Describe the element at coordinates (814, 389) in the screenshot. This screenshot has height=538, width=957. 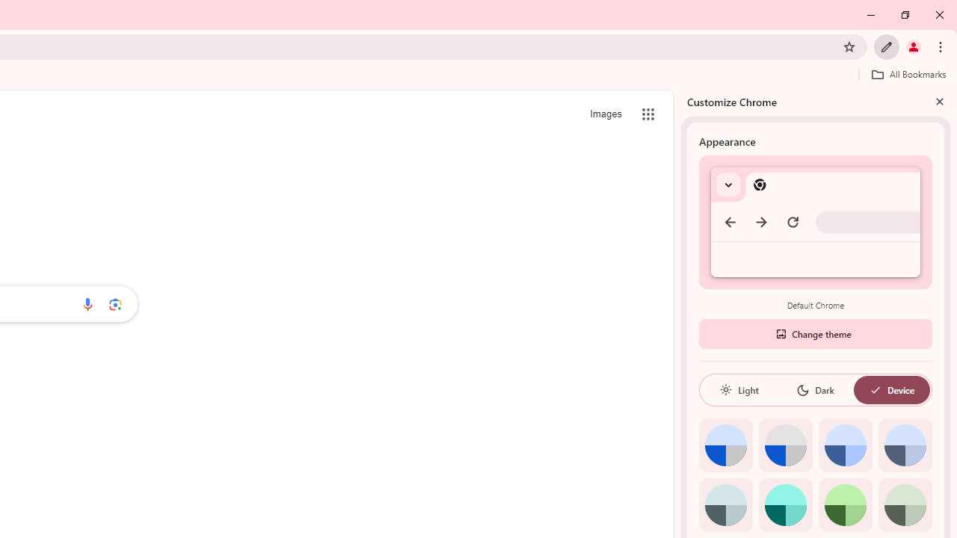
I see `'Dark'` at that location.